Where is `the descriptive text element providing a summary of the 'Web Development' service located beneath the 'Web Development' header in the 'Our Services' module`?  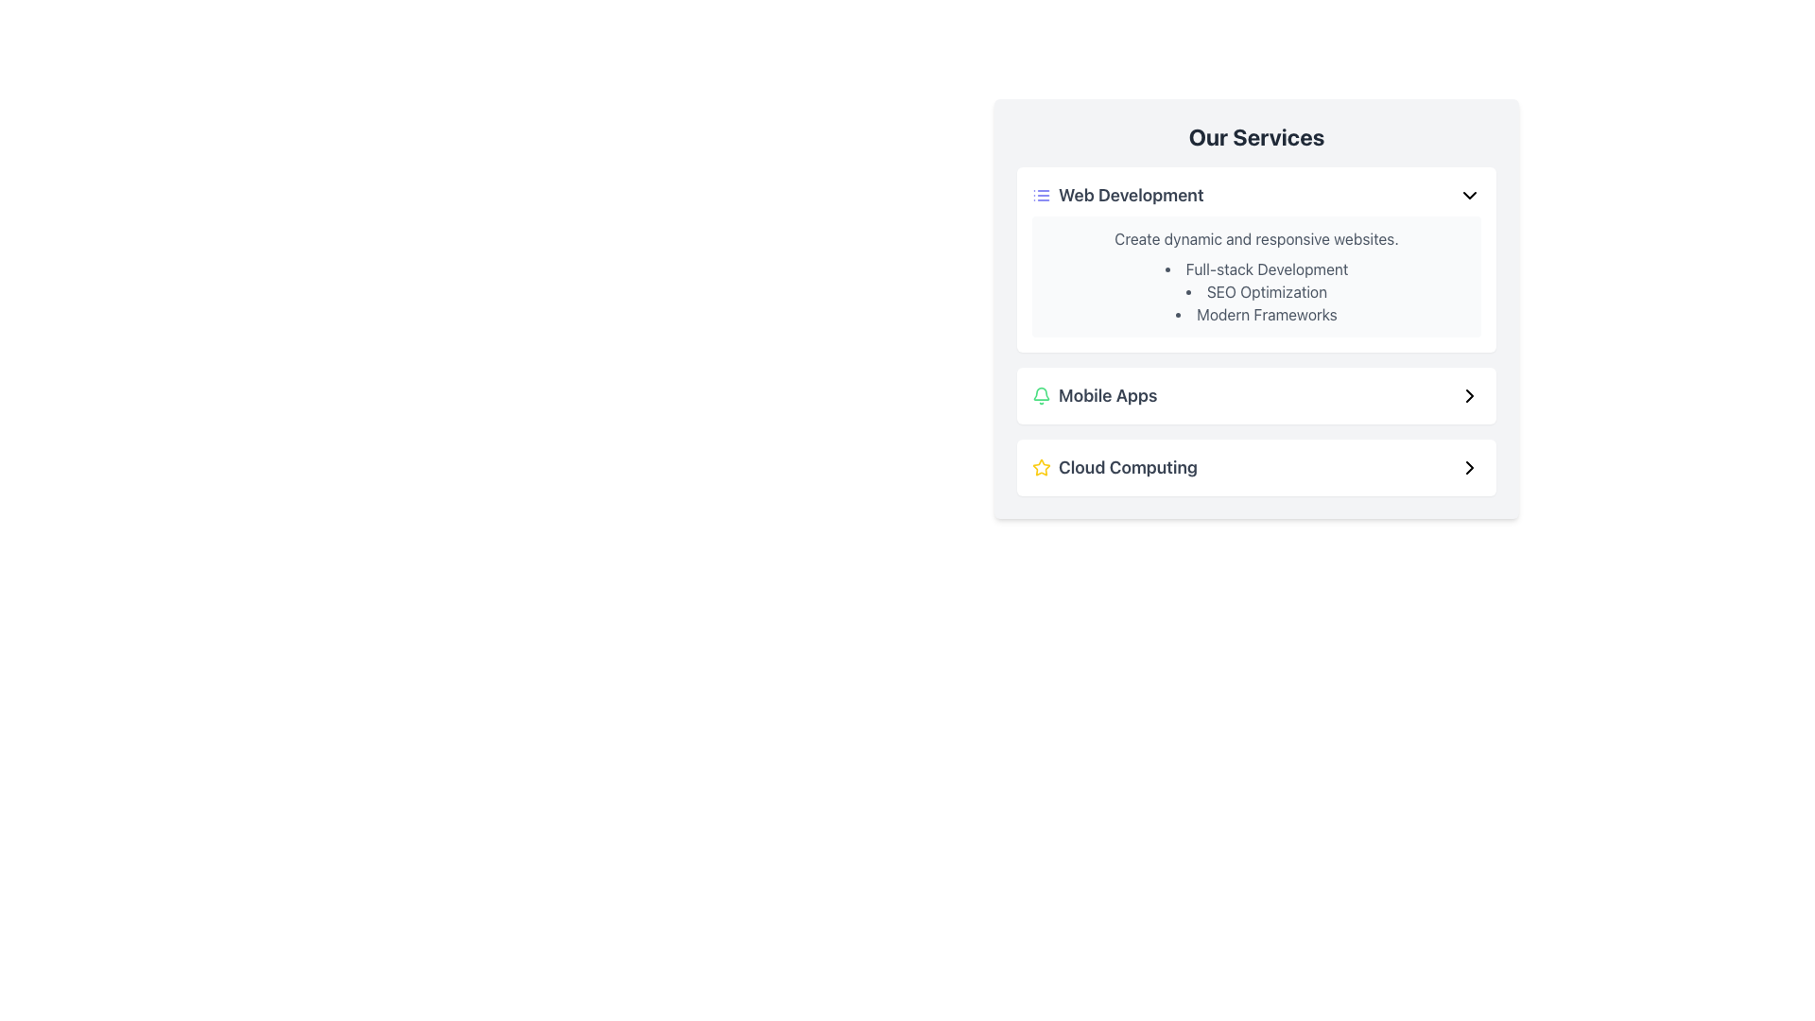 the descriptive text element providing a summary of the 'Web Development' service located beneath the 'Web Development' header in the 'Our Services' module is located at coordinates (1256, 238).